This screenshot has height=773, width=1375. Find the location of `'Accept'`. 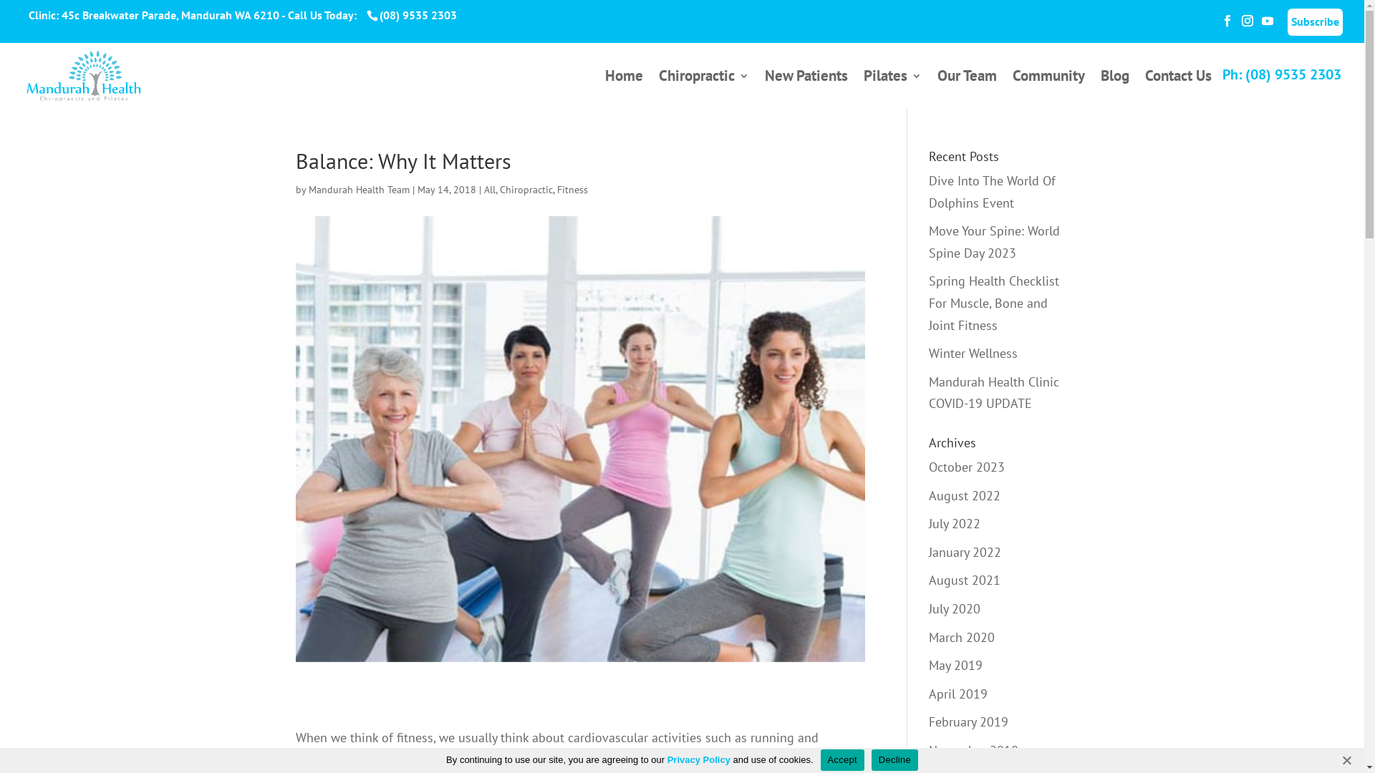

'Accept' is located at coordinates (842, 758).